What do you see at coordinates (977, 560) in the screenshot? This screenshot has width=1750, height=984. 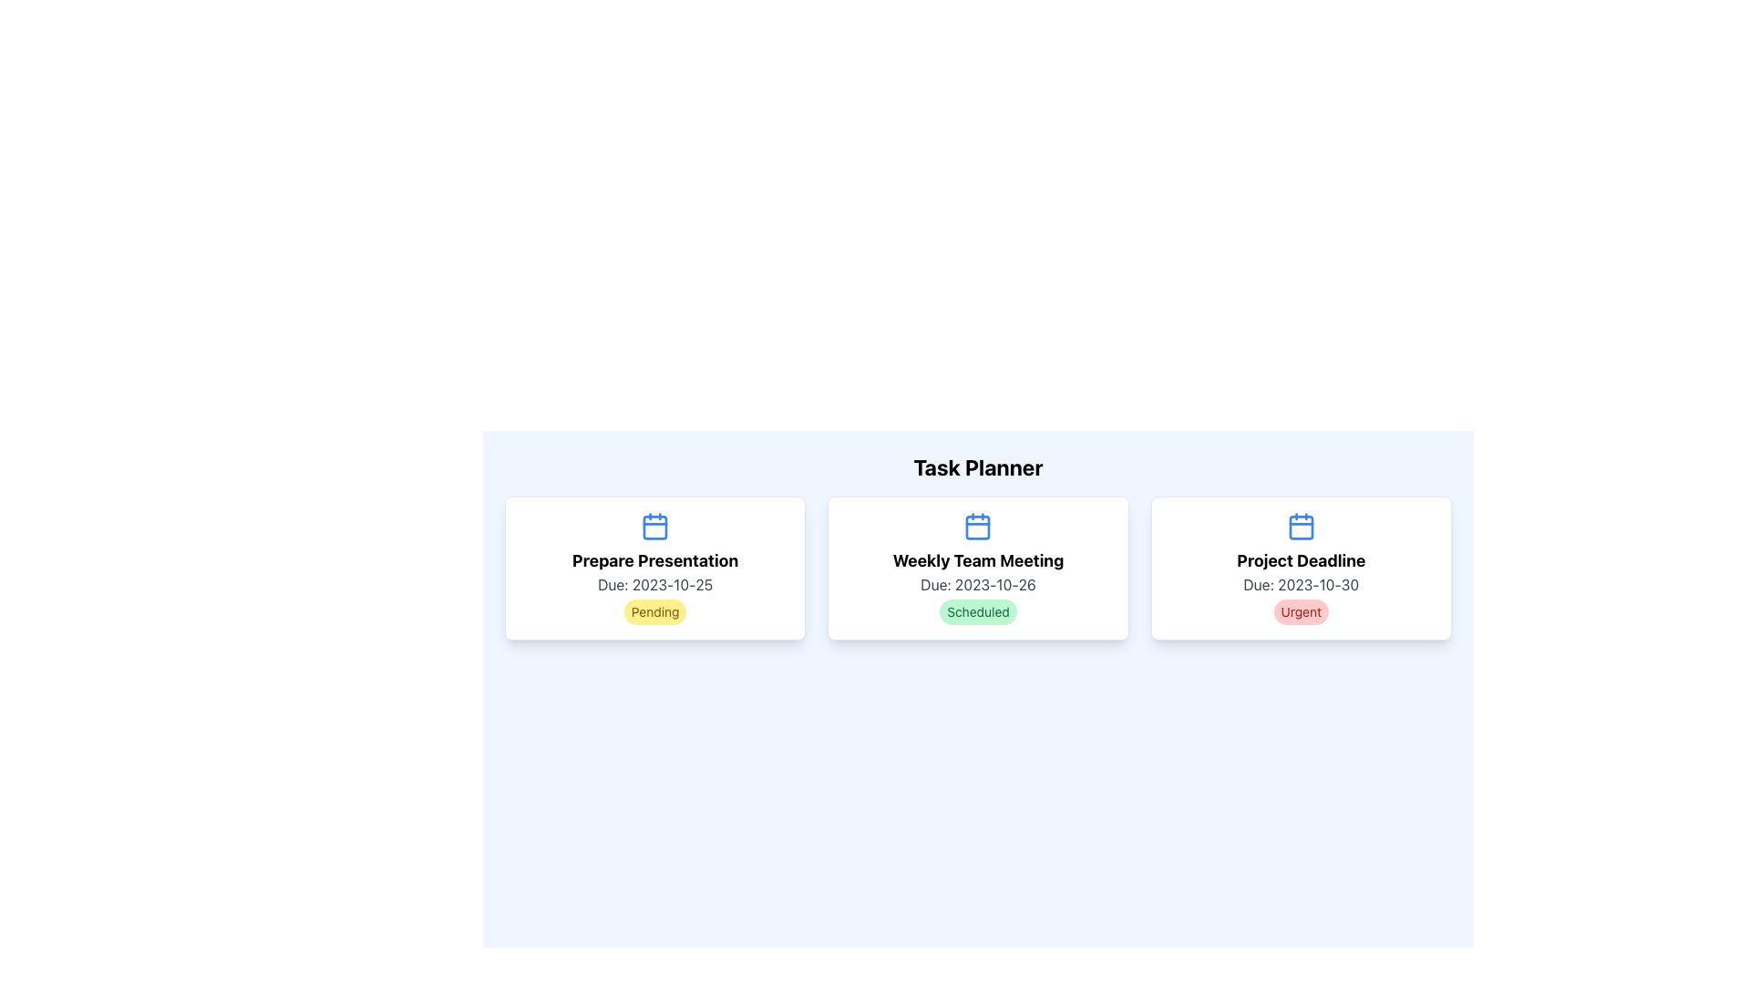 I see `the text label displaying 'Weekly Team Meeting', which is bold, center-aligned, and located in the central card of the three-card layout under 'Task Planner'` at bounding box center [977, 560].